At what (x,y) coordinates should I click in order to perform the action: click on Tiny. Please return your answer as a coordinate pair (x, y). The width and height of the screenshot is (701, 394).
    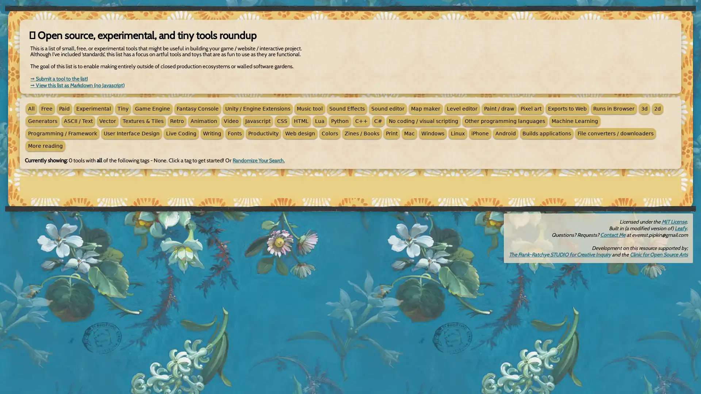
    Looking at the image, I should click on (123, 108).